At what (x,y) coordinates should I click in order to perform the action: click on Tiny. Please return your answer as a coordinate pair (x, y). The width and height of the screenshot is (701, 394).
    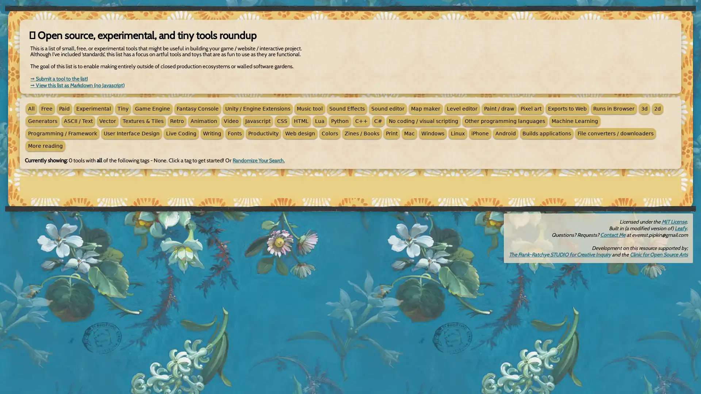
    Looking at the image, I should click on (123, 108).